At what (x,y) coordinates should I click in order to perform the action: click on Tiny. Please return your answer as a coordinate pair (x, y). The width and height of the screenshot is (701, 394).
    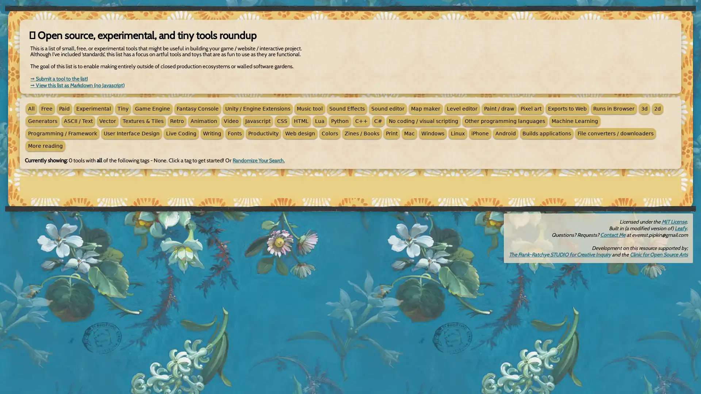
    Looking at the image, I should click on (123, 108).